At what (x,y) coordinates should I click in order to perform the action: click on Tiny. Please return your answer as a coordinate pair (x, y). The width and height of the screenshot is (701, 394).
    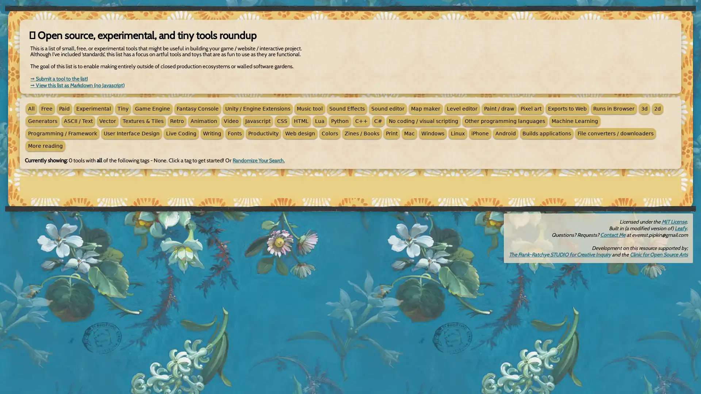
    Looking at the image, I should click on (123, 108).